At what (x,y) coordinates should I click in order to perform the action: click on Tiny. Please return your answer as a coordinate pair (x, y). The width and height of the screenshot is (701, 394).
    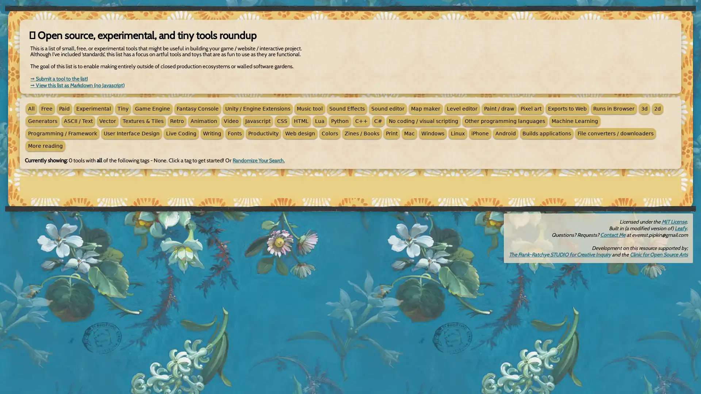
    Looking at the image, I should click on (123, 108).